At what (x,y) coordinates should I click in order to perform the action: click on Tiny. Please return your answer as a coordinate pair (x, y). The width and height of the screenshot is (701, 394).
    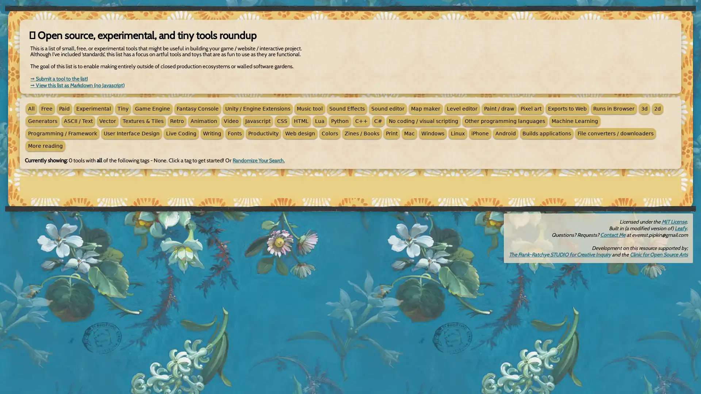
    Looking at the image, I should click on (123, 108).